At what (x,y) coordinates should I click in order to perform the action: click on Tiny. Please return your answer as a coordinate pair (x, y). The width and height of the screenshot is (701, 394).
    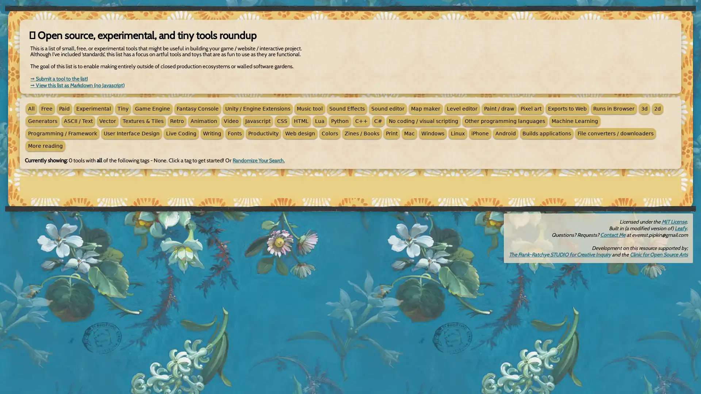
    Looking at the image, I should click on (123, 108).